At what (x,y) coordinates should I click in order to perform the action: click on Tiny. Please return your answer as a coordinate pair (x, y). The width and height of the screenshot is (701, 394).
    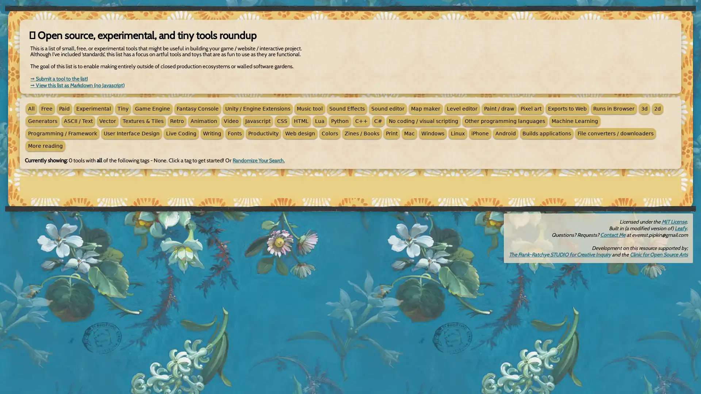
    Looking at the image, I should click on (123, 108).